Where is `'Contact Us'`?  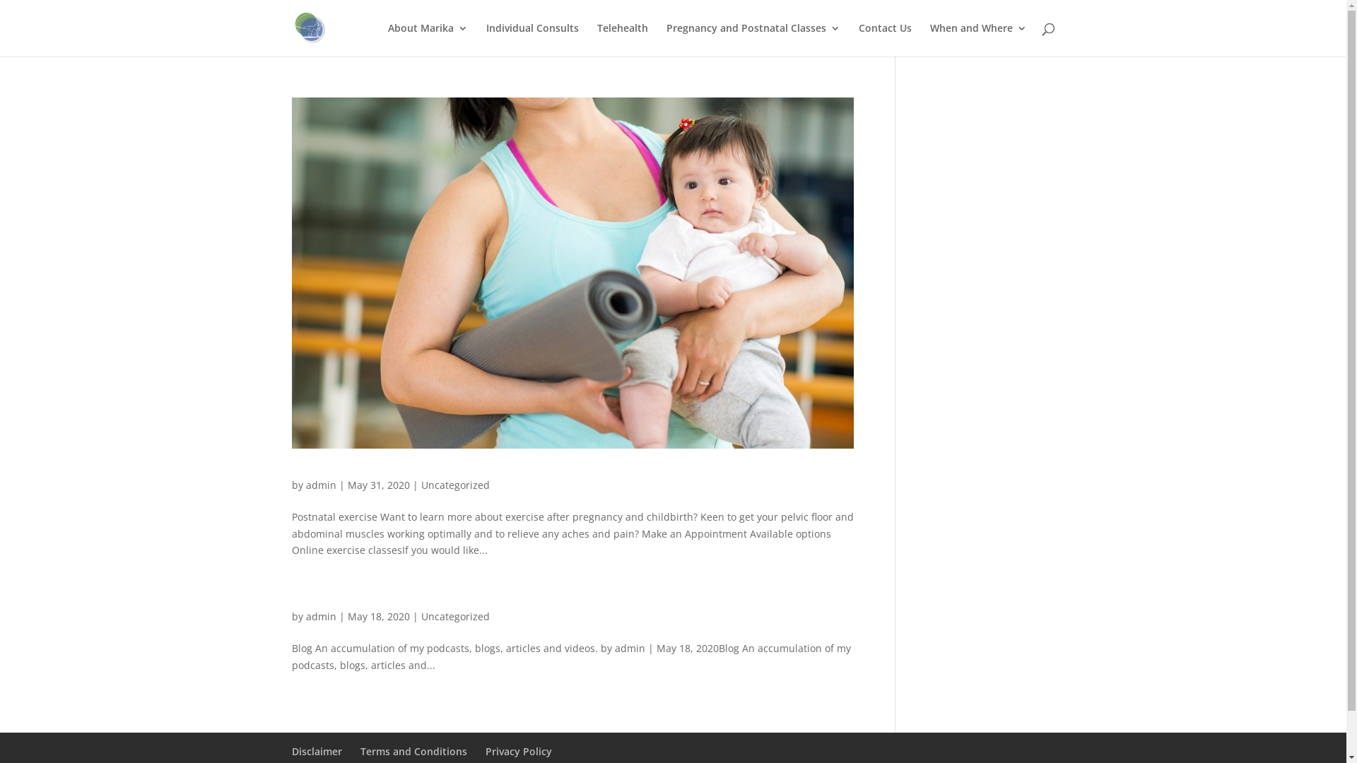
'Contact Us' is located at coordinates (883, 39).